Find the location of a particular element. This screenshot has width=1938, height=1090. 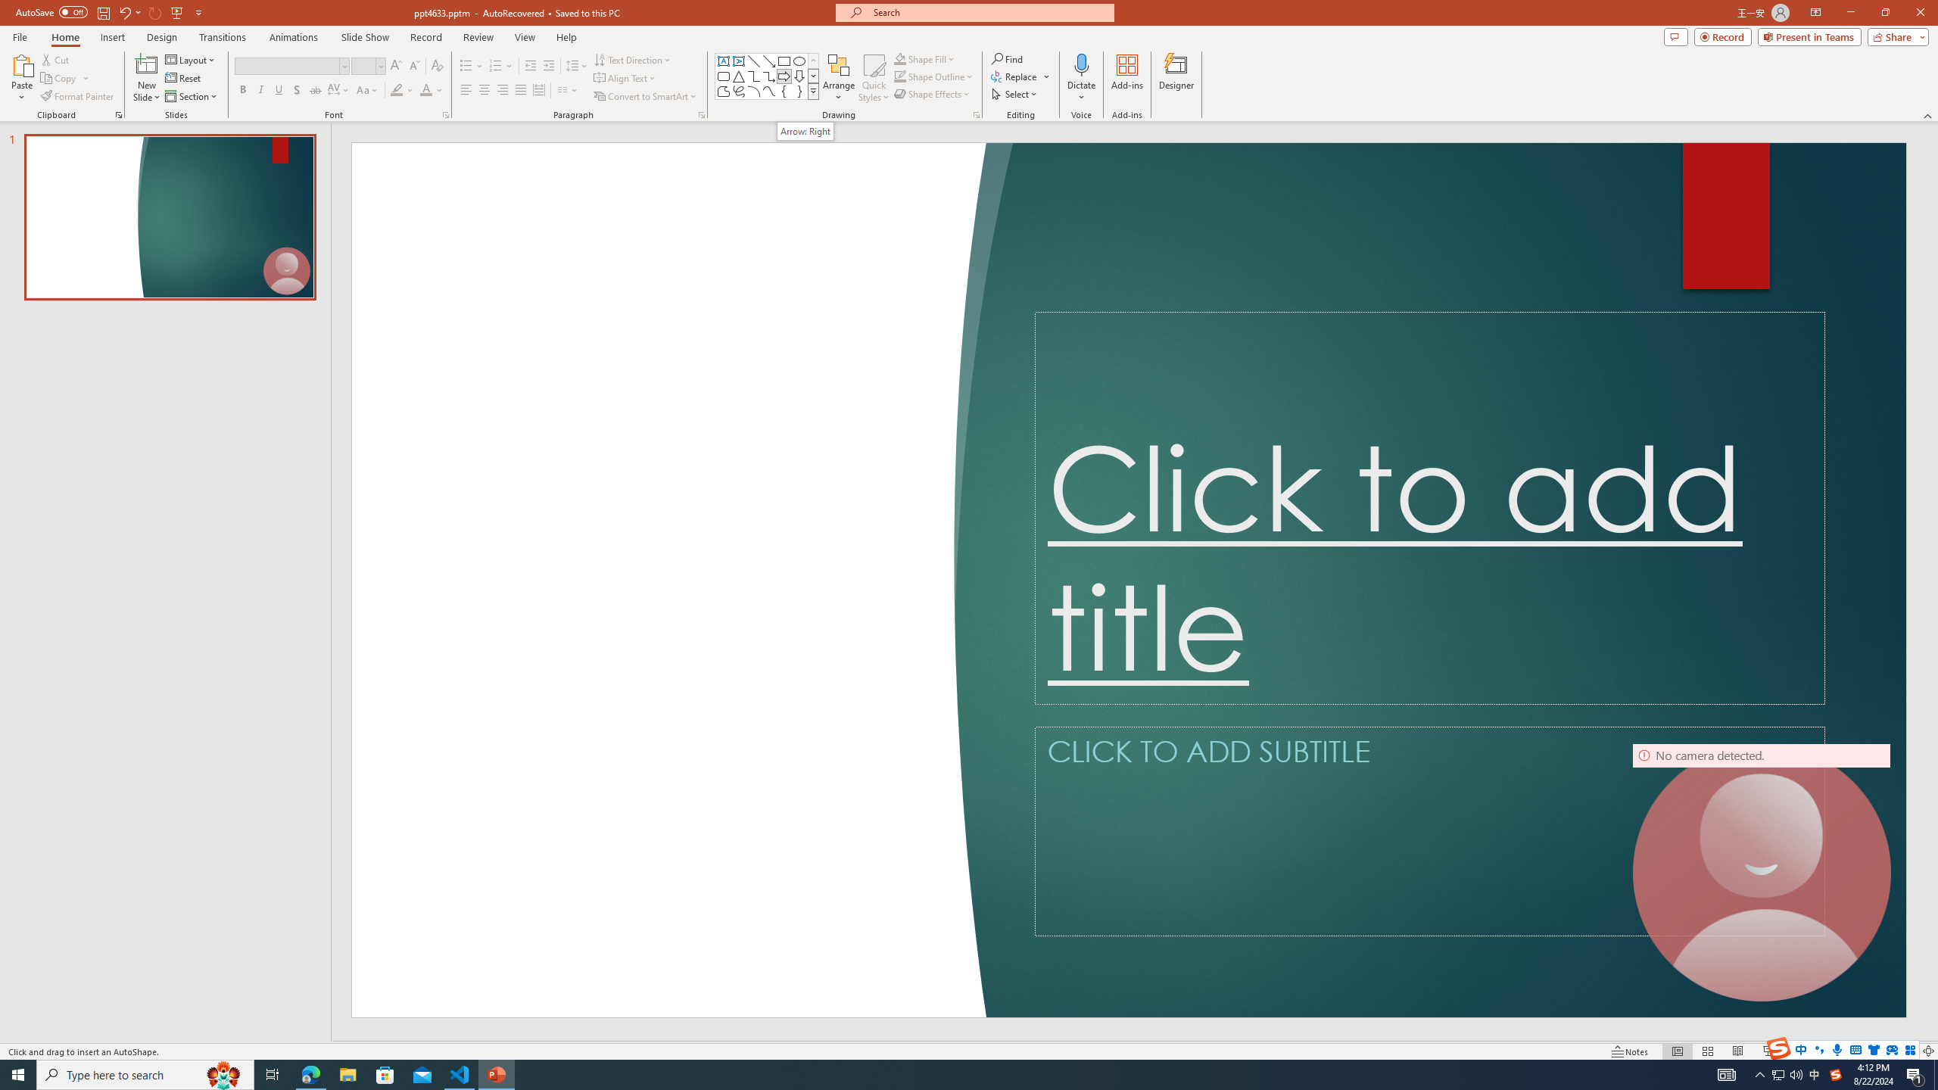

'Oval' is located at coordinates (799, 61).